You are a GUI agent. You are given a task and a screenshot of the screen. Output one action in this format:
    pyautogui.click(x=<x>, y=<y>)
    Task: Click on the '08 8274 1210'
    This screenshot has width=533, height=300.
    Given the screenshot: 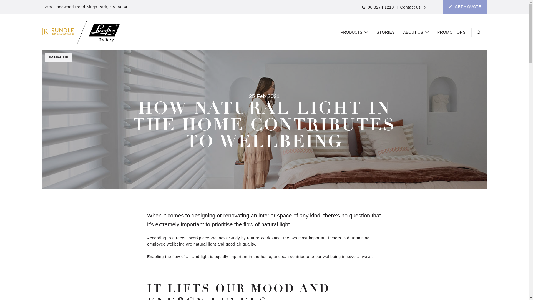 What is the action you would take?
    pyautogui.click(x=378, y=7)
    